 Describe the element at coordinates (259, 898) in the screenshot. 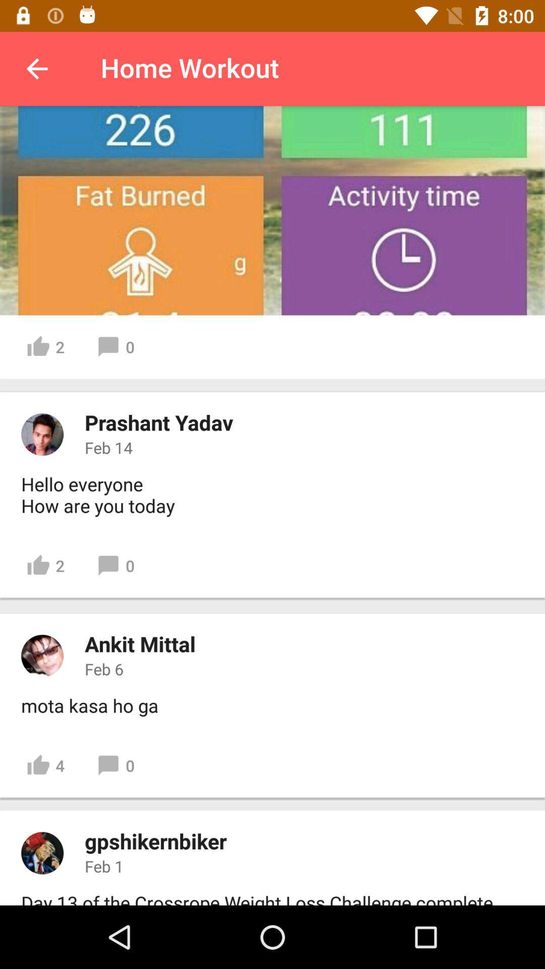

I see `icon below feb 1` at that location.